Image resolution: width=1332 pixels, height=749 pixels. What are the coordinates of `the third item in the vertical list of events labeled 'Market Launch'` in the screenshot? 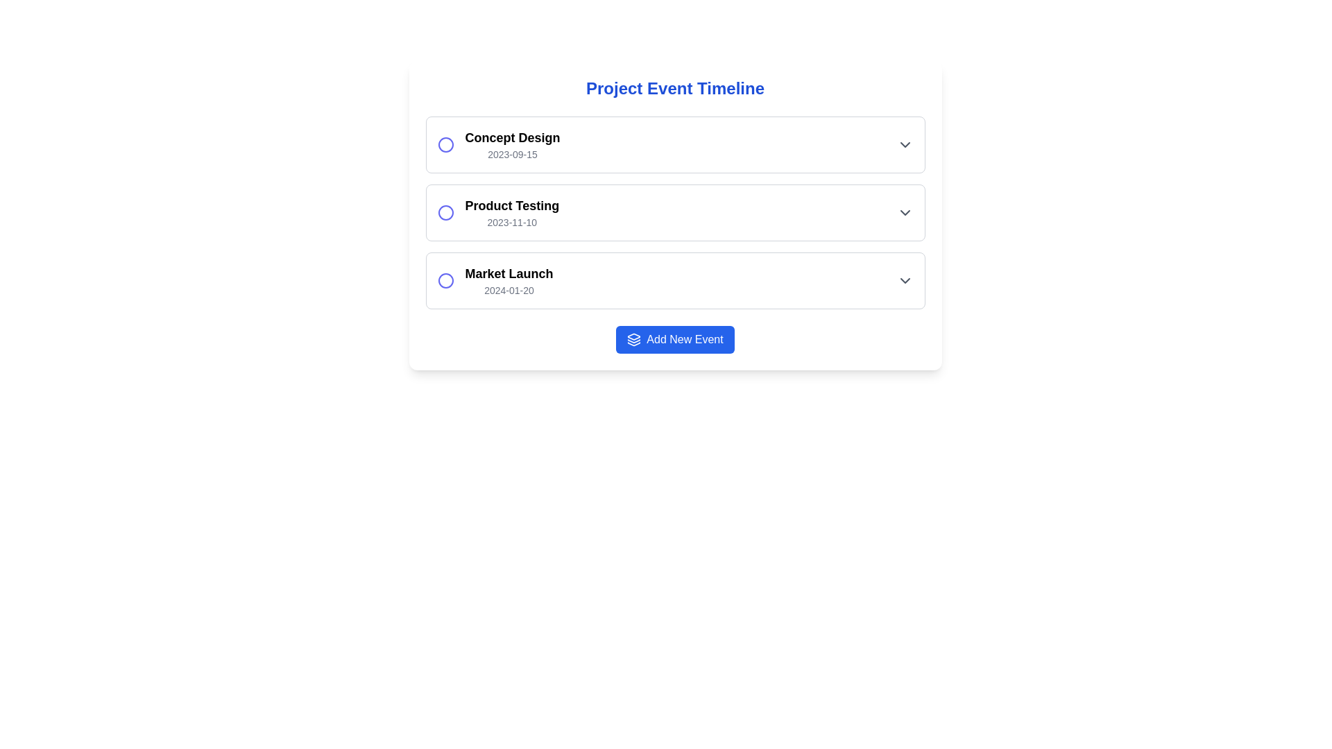 It's located at (675, 281).